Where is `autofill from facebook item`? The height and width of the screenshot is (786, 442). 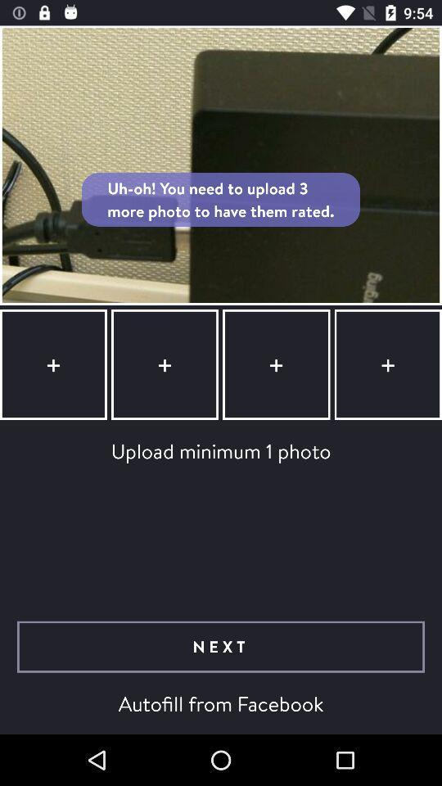 autofill from facebook item is located at coordinates (221, 702).